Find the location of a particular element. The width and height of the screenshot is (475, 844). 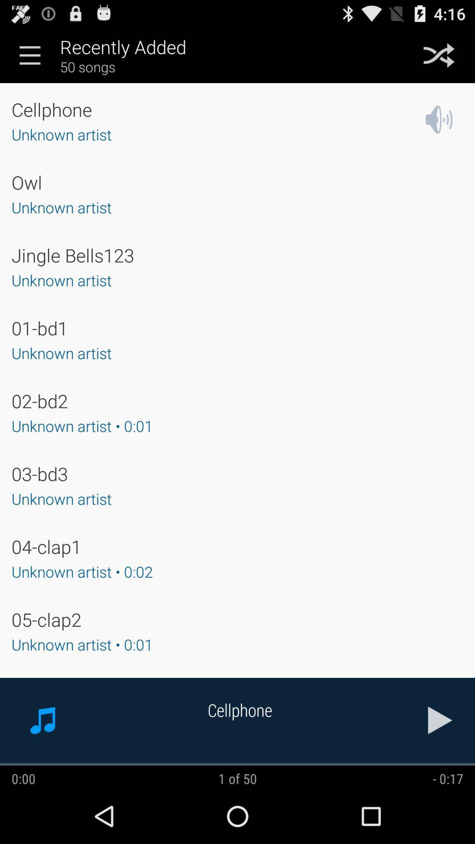

the music icon is located at coordinates (42, 720).